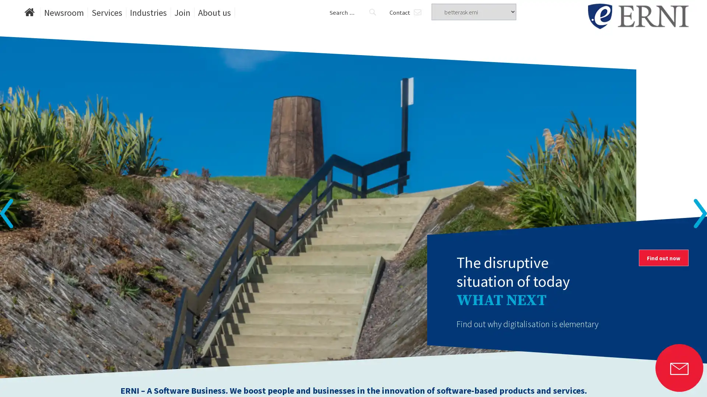 This screenshot has width=707, height=397. What do you see at coordinates (372, 32) in the screenshot?
I see `Search` at bounding box center [372, 32].